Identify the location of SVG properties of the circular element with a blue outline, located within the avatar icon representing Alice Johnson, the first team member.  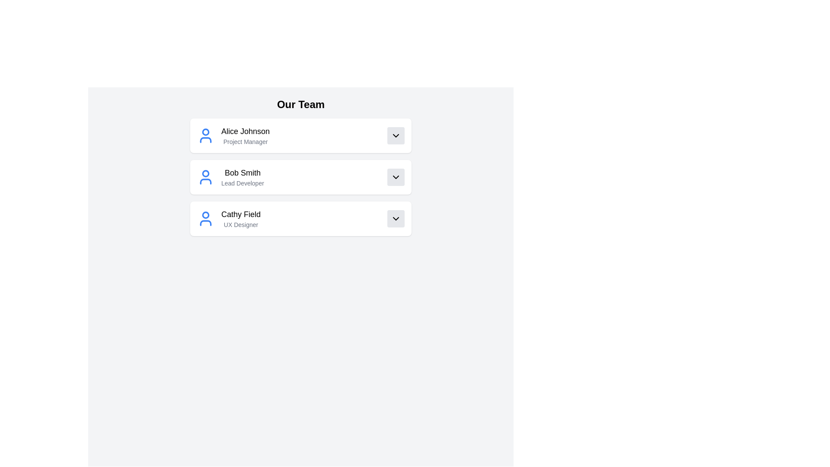
(205, 131).